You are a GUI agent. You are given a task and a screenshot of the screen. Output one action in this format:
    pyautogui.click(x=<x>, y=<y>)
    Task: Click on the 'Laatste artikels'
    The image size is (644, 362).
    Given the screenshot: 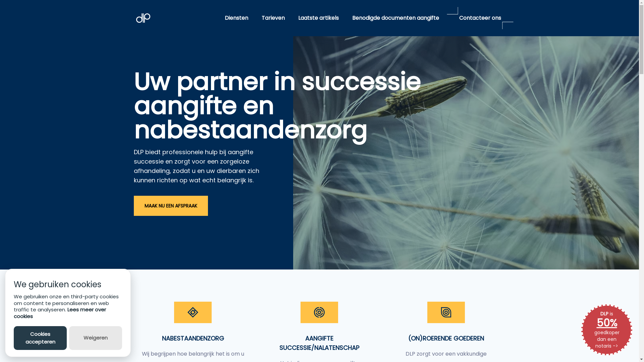 What is the action you would take?
    pyautogui.click(x=298, y=17)
    